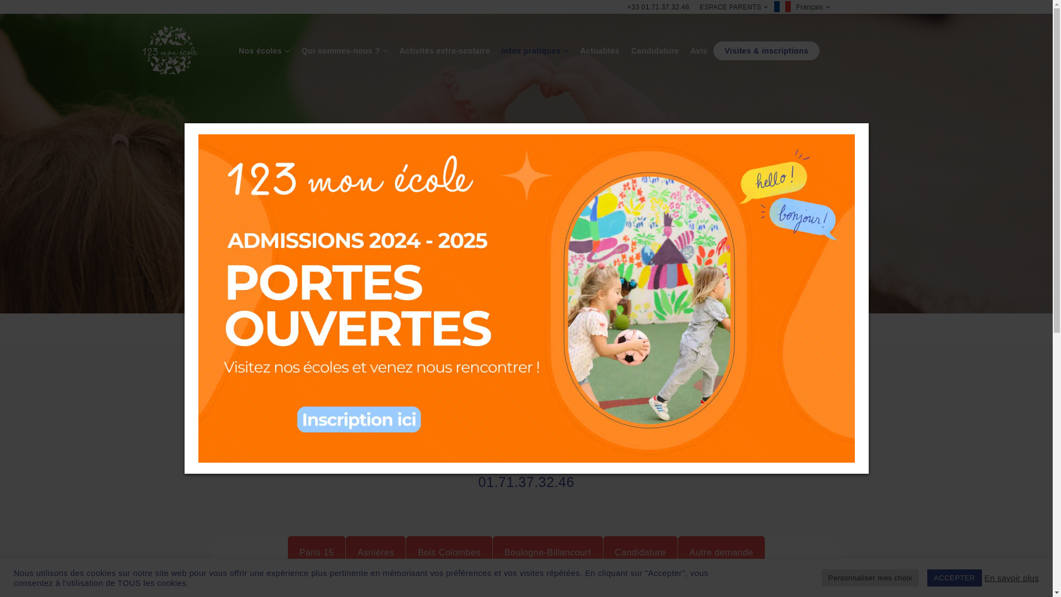 The width and height of the screenshot is (1061, 597). I want to click on 'ESPACE PARENTS', so click(734, 7).